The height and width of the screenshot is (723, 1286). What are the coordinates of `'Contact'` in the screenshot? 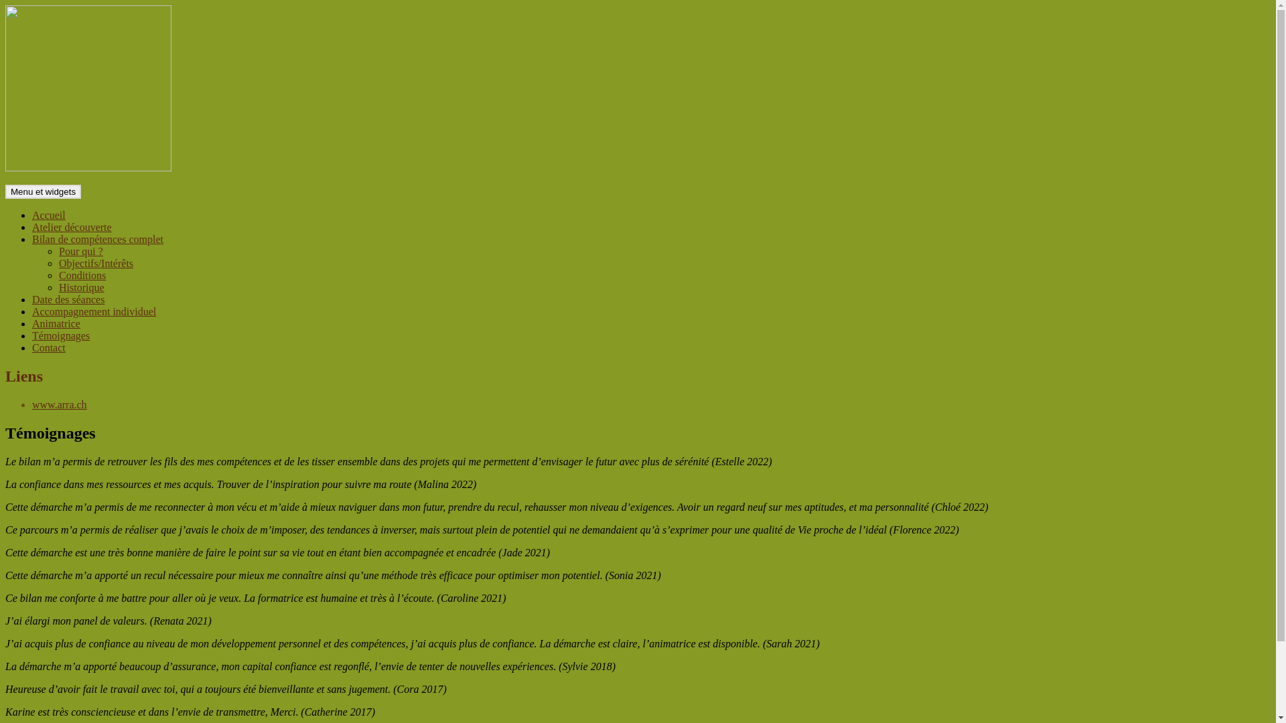 It's located at (48, 347).